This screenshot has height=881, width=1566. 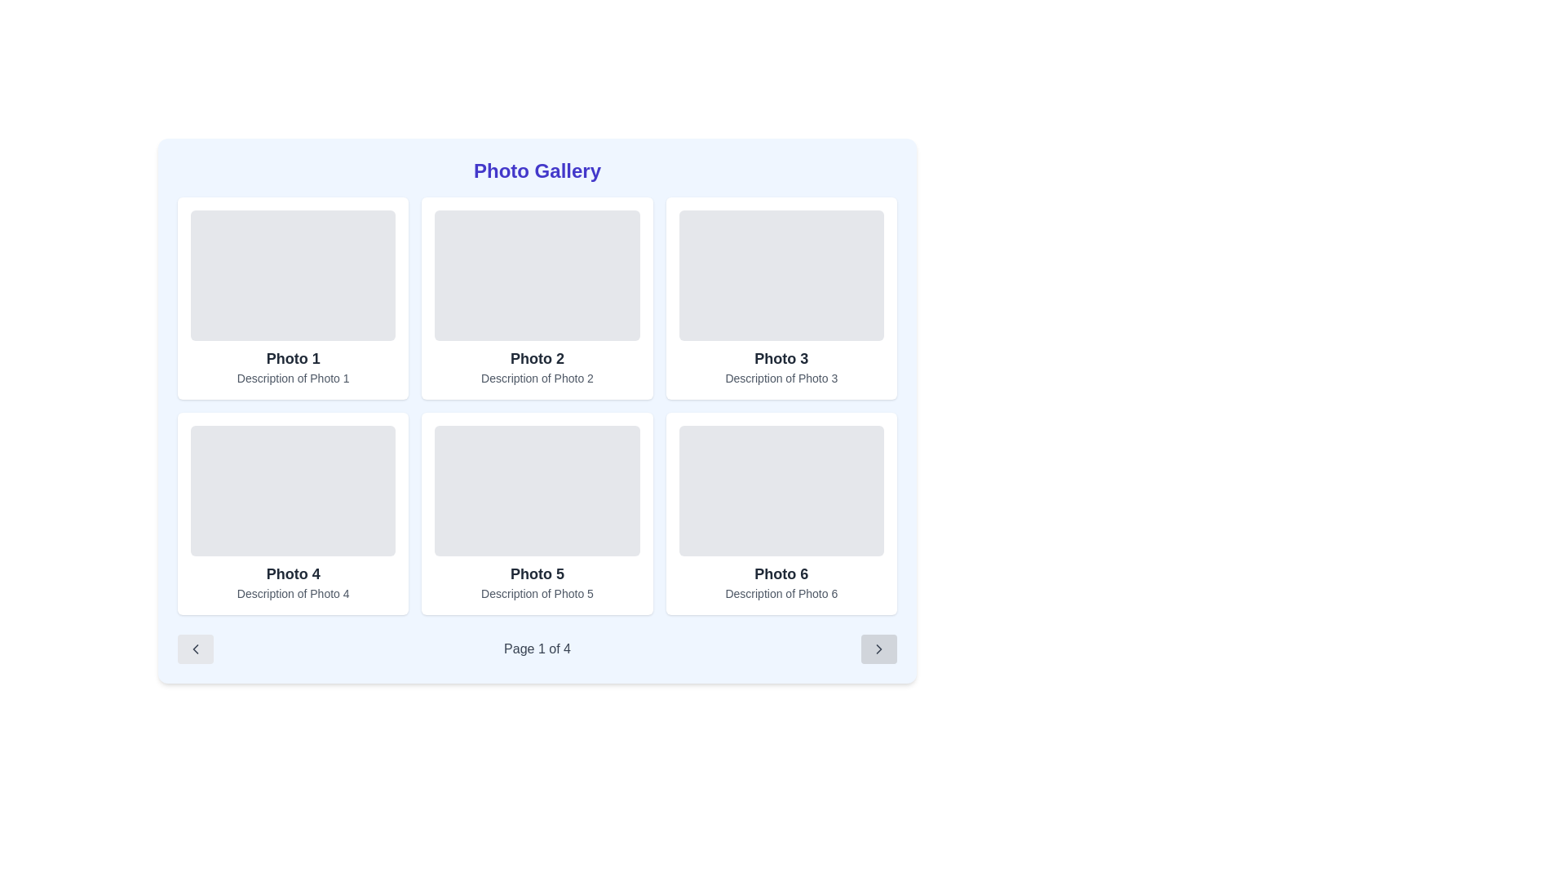 I want to click on the text label reading 'Description of Photo 5', which is in a smaller gray font and positioned below the title 'Photo 5' in the grid layout, so click(x=537, y=594).